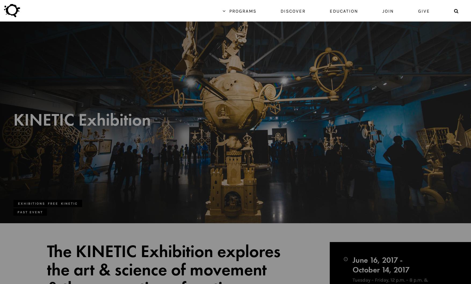  I want to click on 'Browse all programs for exhibitions featuring item-based creative endeavors.', so click(347, 219).